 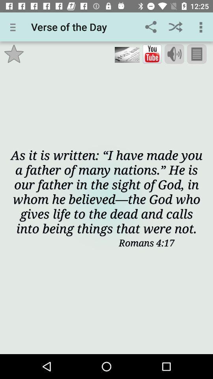 I want to click on icon above the as it is item, so click(x=196, y=54).